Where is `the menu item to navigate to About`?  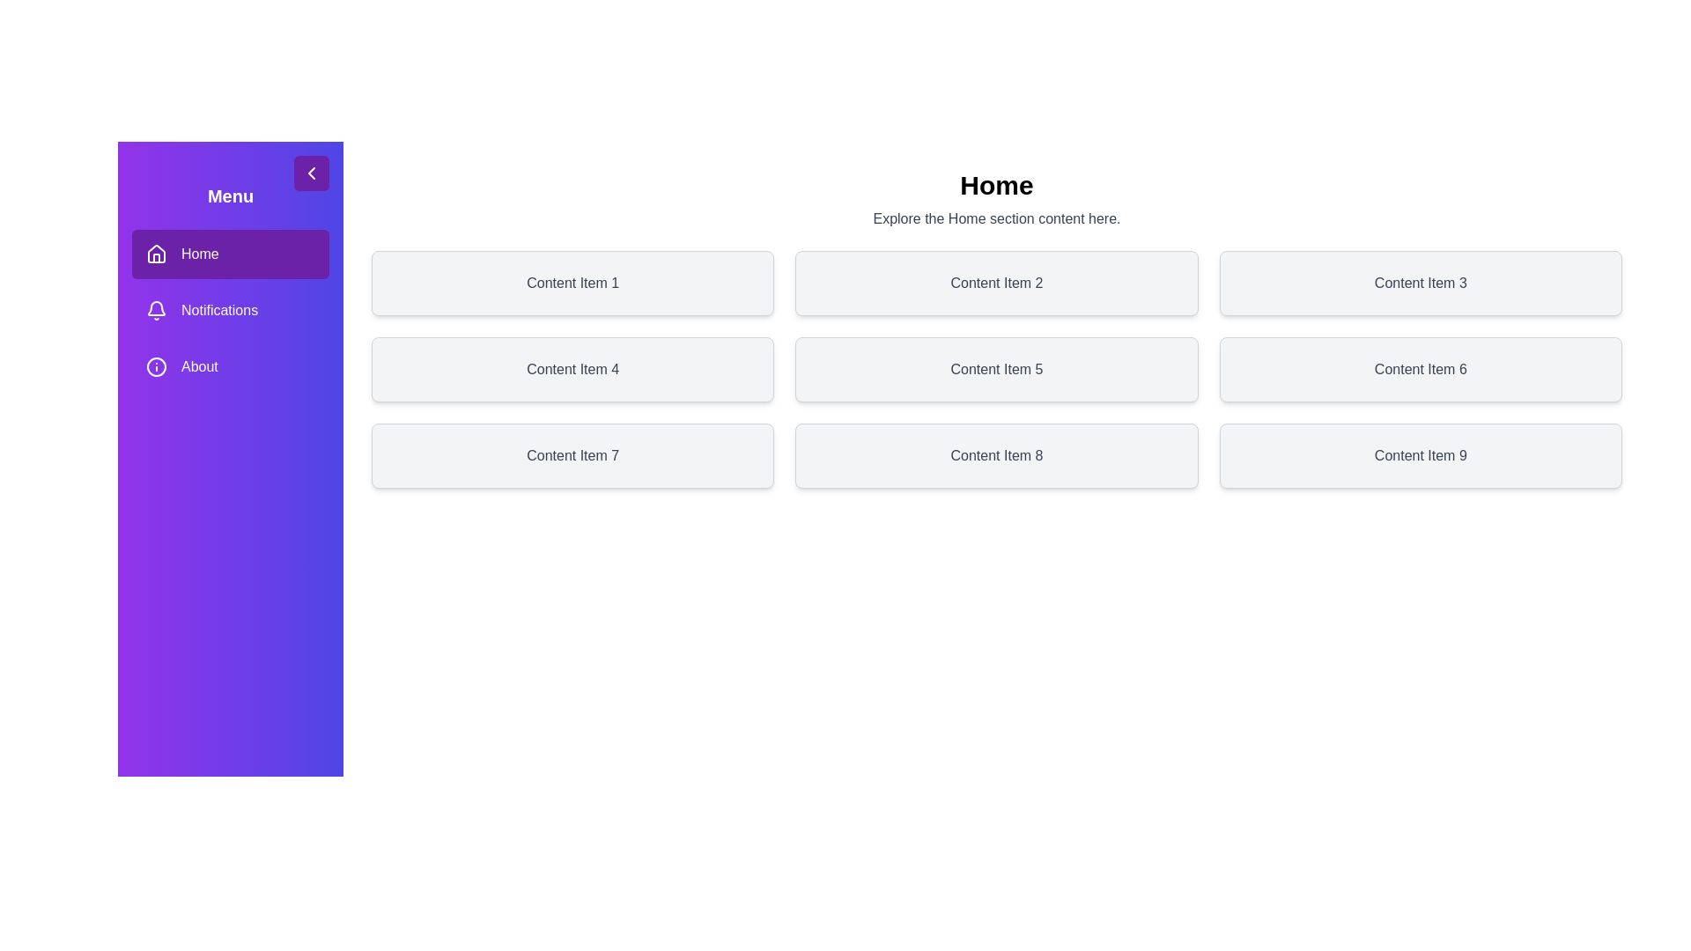 the menu item to navigate to About is located at coordinates (230, 365).